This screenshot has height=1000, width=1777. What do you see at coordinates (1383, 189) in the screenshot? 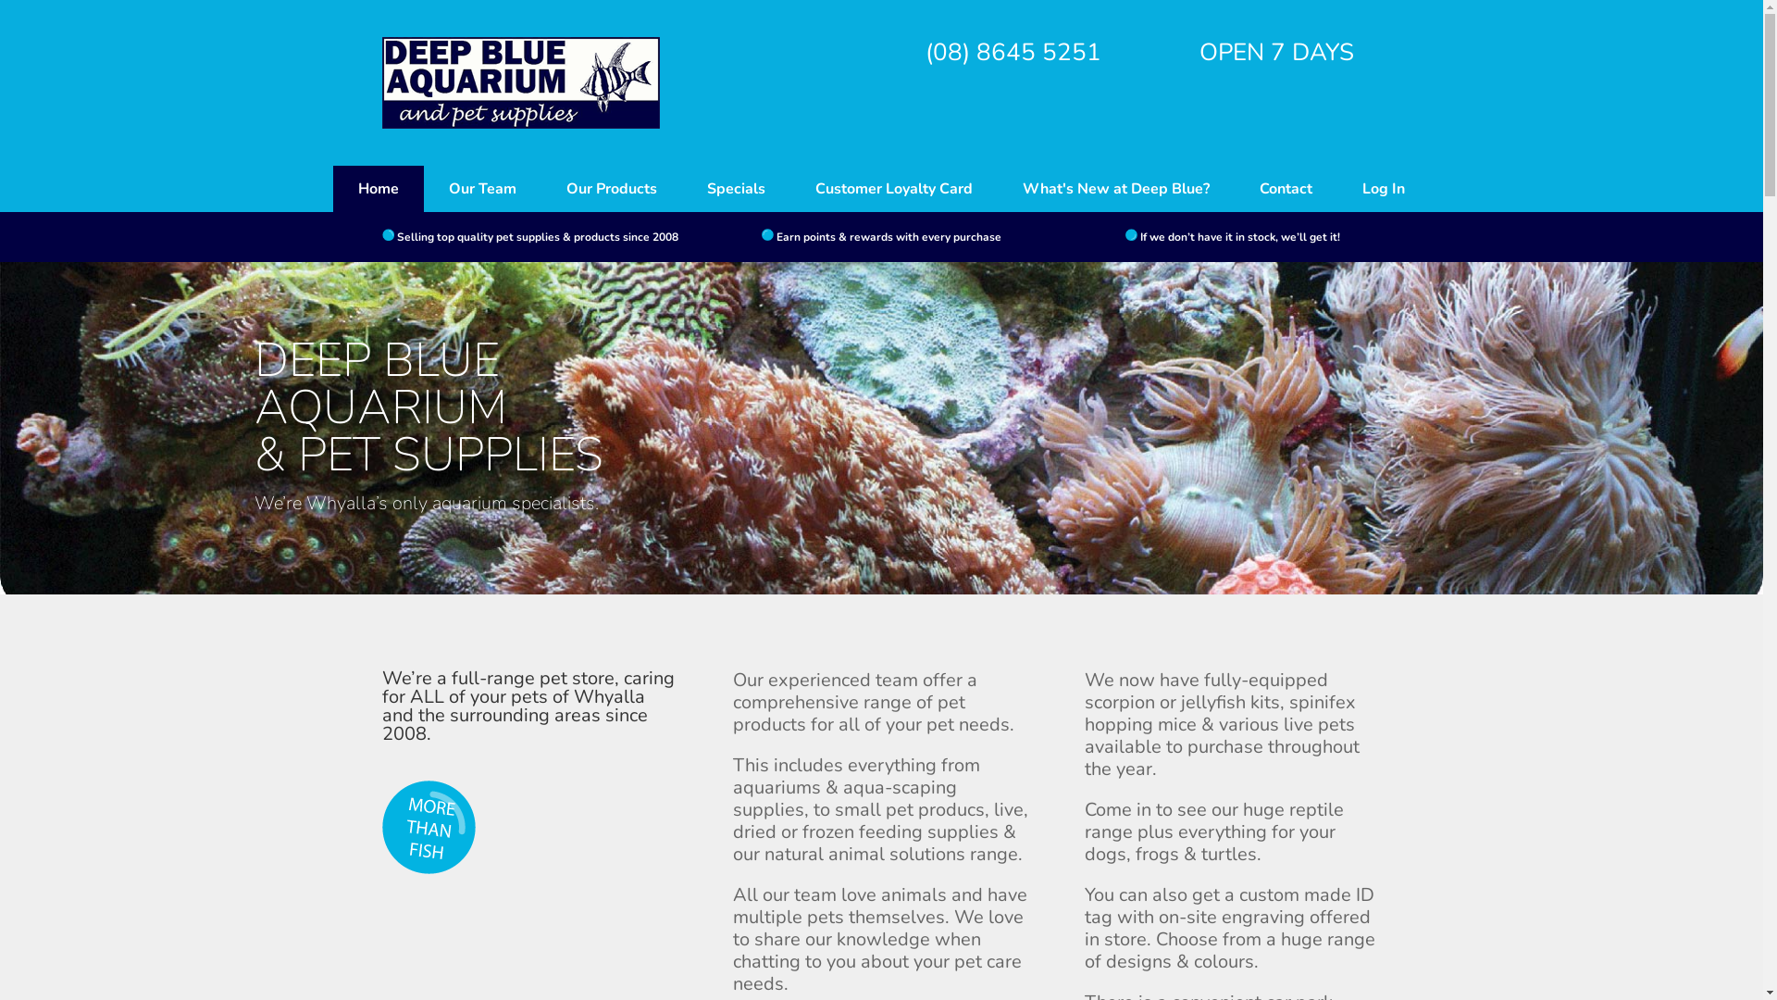
I see `'Log In'` at bounding box center [1383, 189].